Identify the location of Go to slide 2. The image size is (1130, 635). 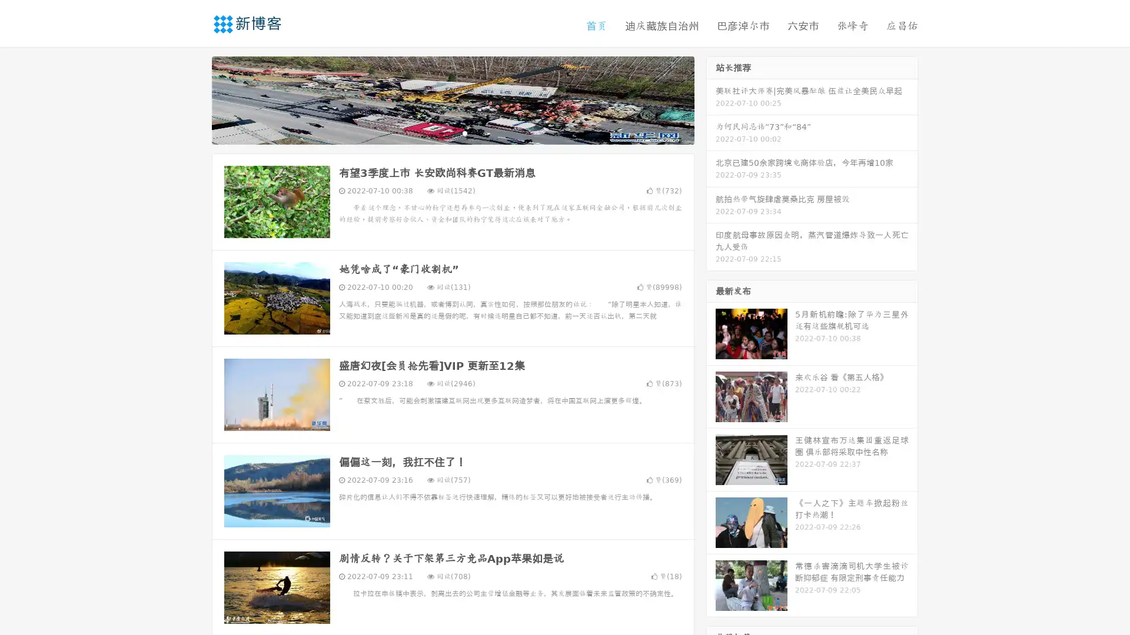
(452, 132).